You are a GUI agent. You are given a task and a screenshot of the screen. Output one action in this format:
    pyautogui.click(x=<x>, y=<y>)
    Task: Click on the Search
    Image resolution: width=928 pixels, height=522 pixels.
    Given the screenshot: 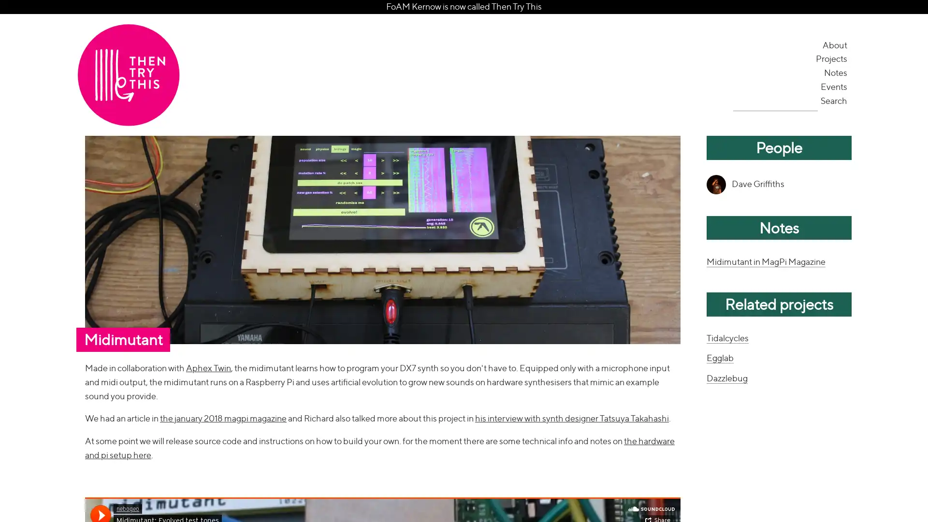 What is the action you would take?
    pyautogui.click(x=834, y=100)
    